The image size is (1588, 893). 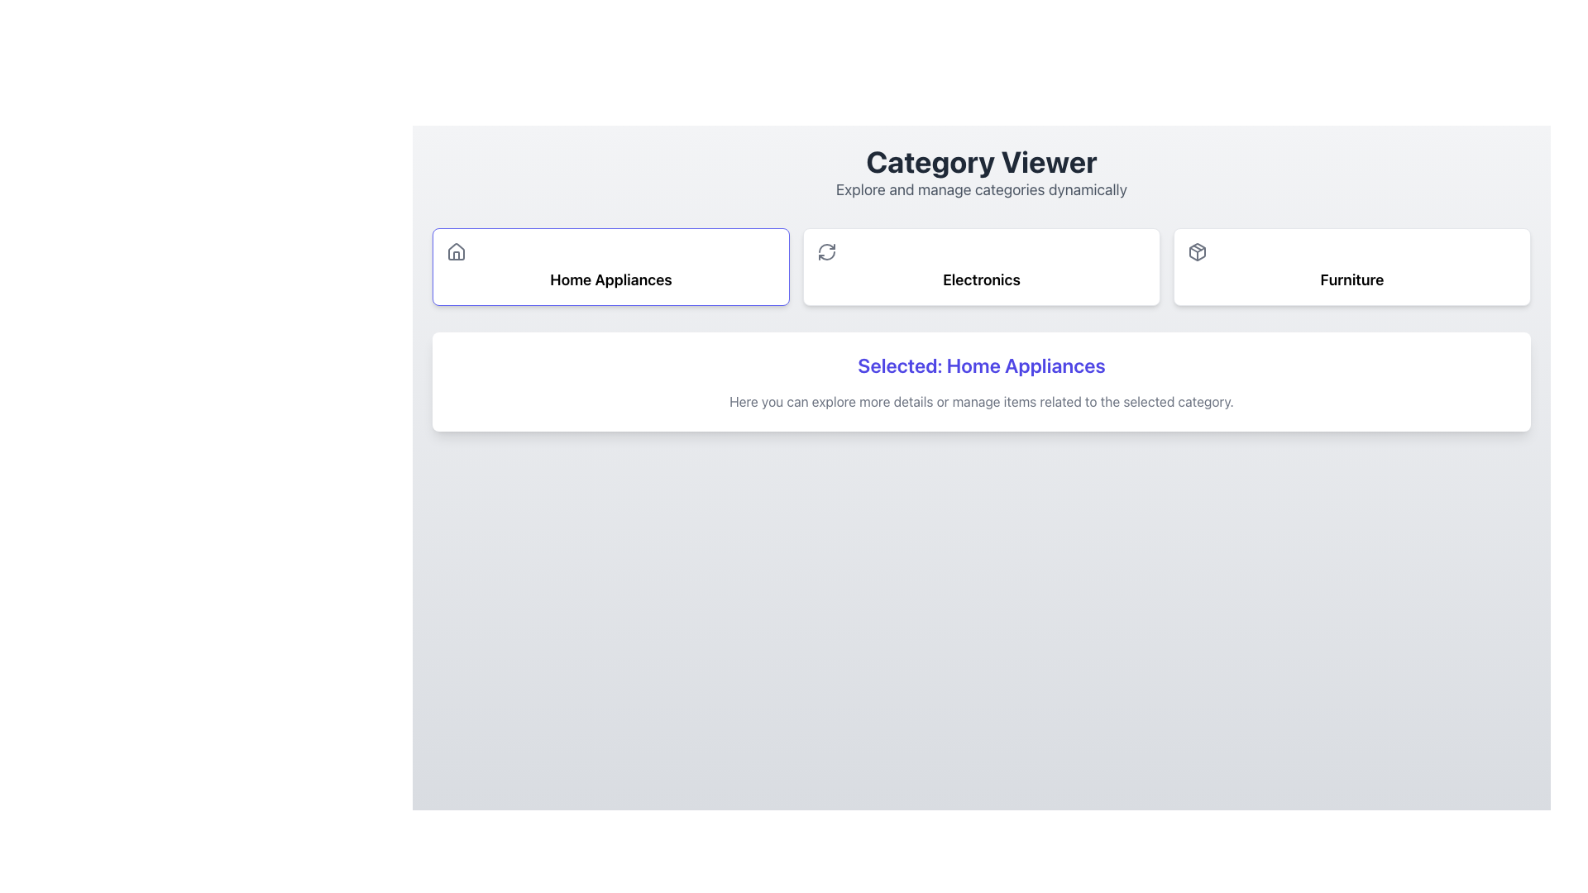 I want to click on the dark gray package icon located at the upper-left section of the 'Furniture' category card, so click(x=1198, y=251).